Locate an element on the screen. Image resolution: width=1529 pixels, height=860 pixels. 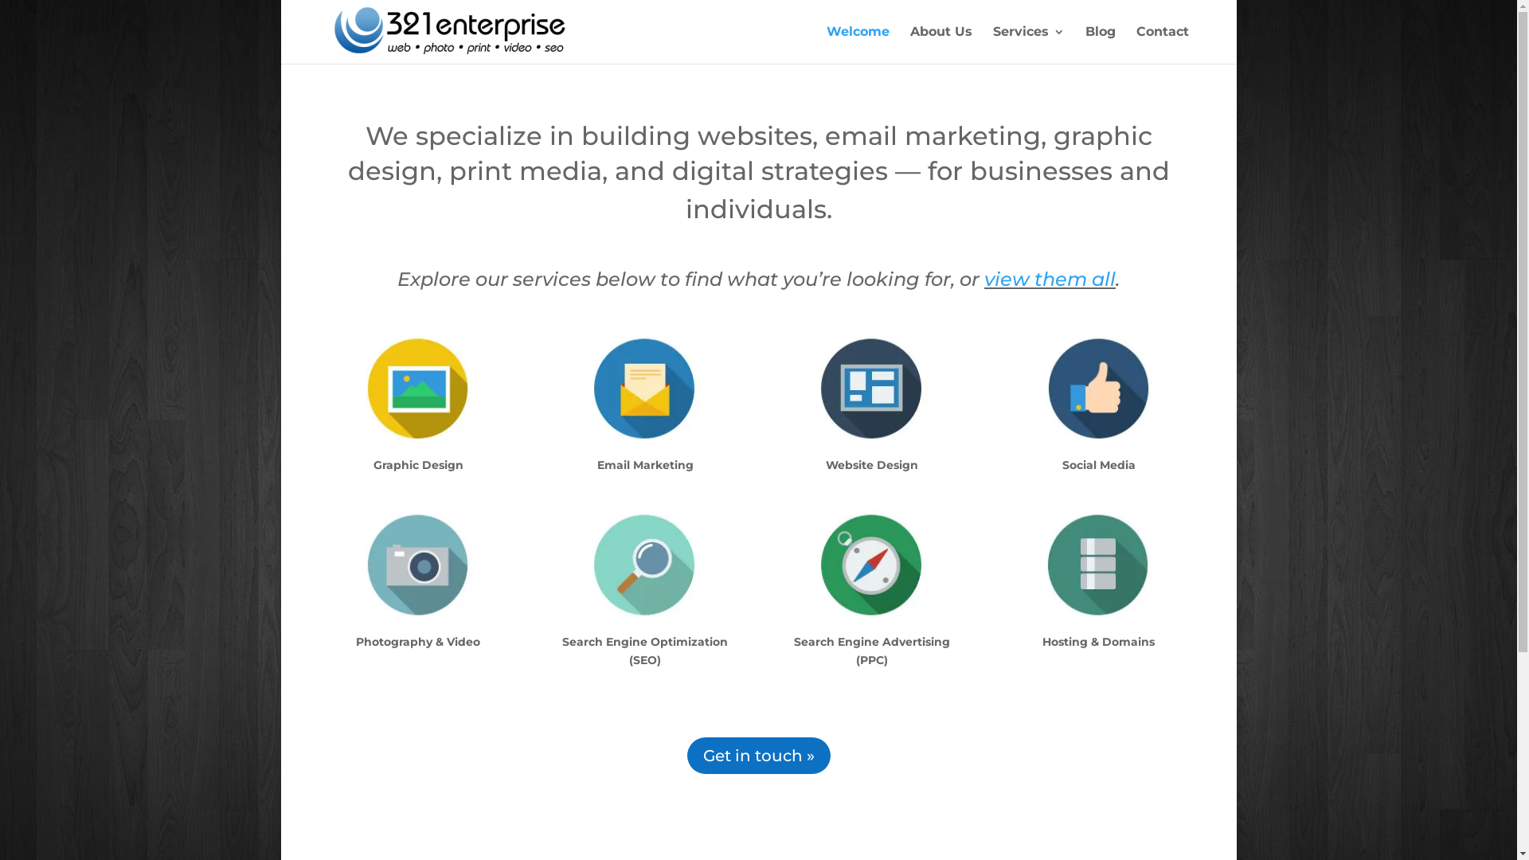
'Welcome' is located at coordinates (857, 44).